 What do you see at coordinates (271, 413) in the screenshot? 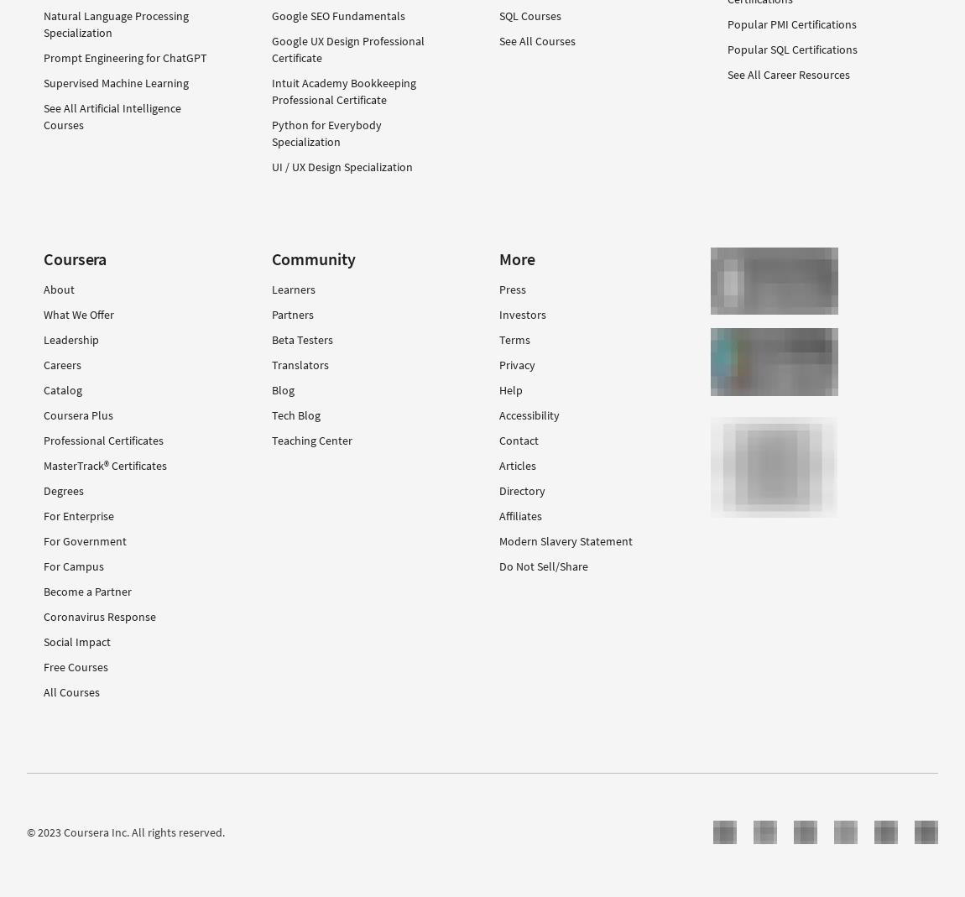
I see `'Tech Blog'` at bounding box center [271, 413].